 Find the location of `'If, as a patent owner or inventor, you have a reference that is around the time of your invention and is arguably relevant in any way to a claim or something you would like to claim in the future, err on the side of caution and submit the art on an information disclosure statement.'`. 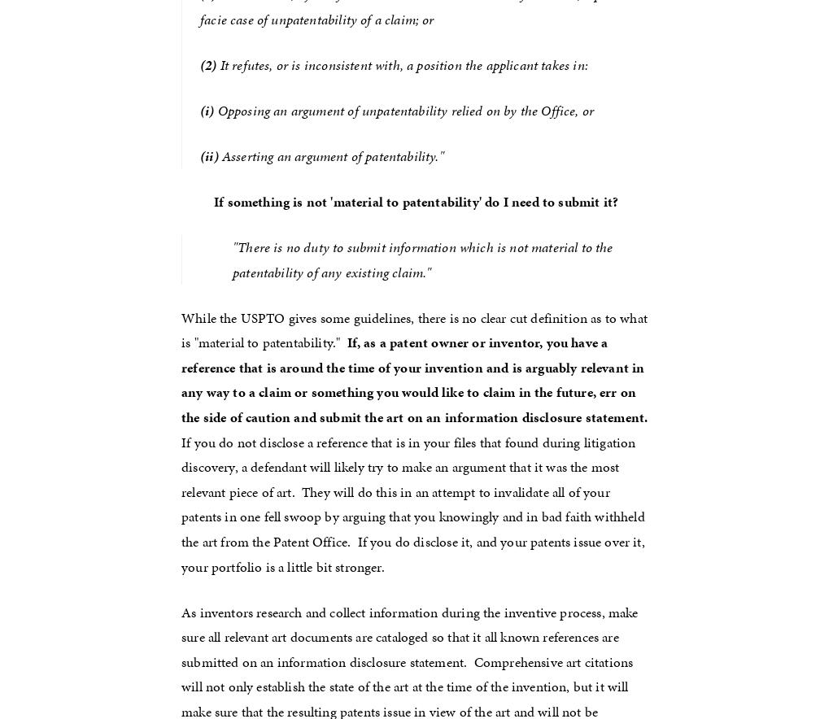

'If, as a patent owner or inventor, you have a reference that is around the time of your invention and is arguably relevant in any way to a claim or something you would like to claim in the future, err on the side of caution and submit the art on an information disclosure statement.' is located at coordinates (415, 380).